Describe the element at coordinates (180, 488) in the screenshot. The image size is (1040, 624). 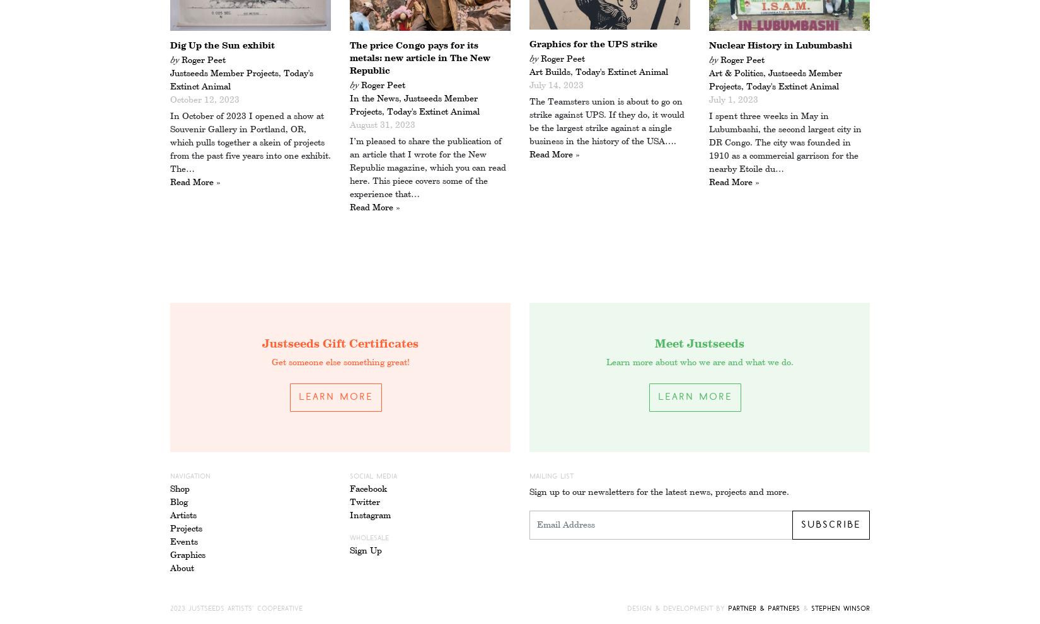
I see `'Shop'` at that location.